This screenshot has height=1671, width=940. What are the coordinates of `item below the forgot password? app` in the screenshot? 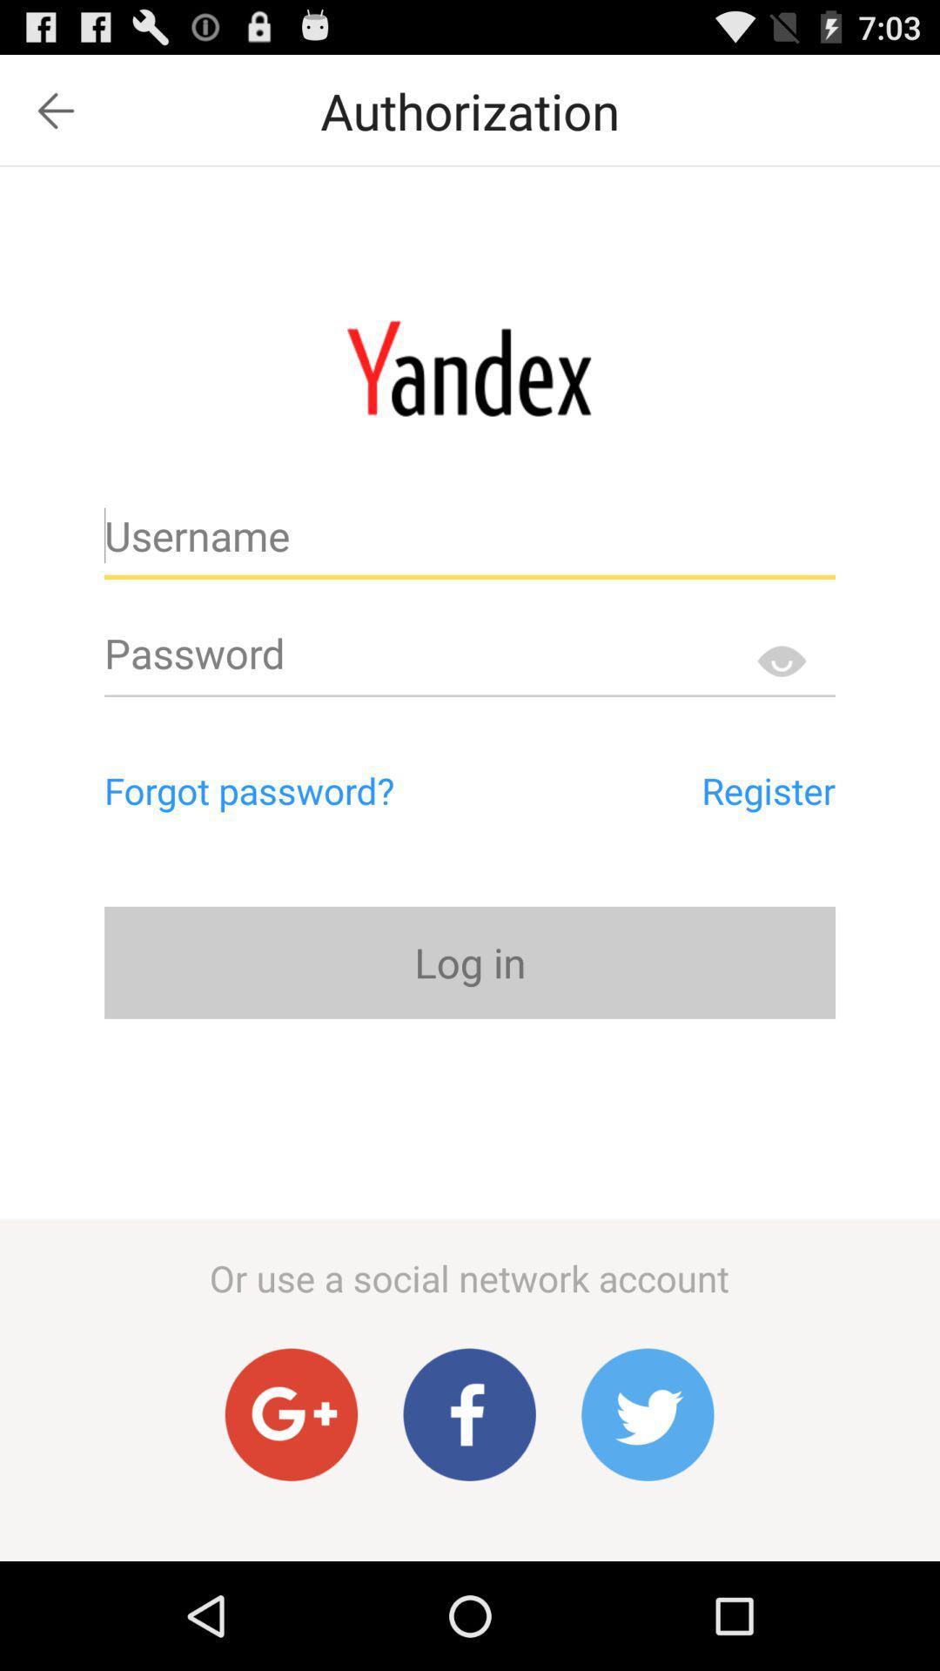 It's located at (470, 962).